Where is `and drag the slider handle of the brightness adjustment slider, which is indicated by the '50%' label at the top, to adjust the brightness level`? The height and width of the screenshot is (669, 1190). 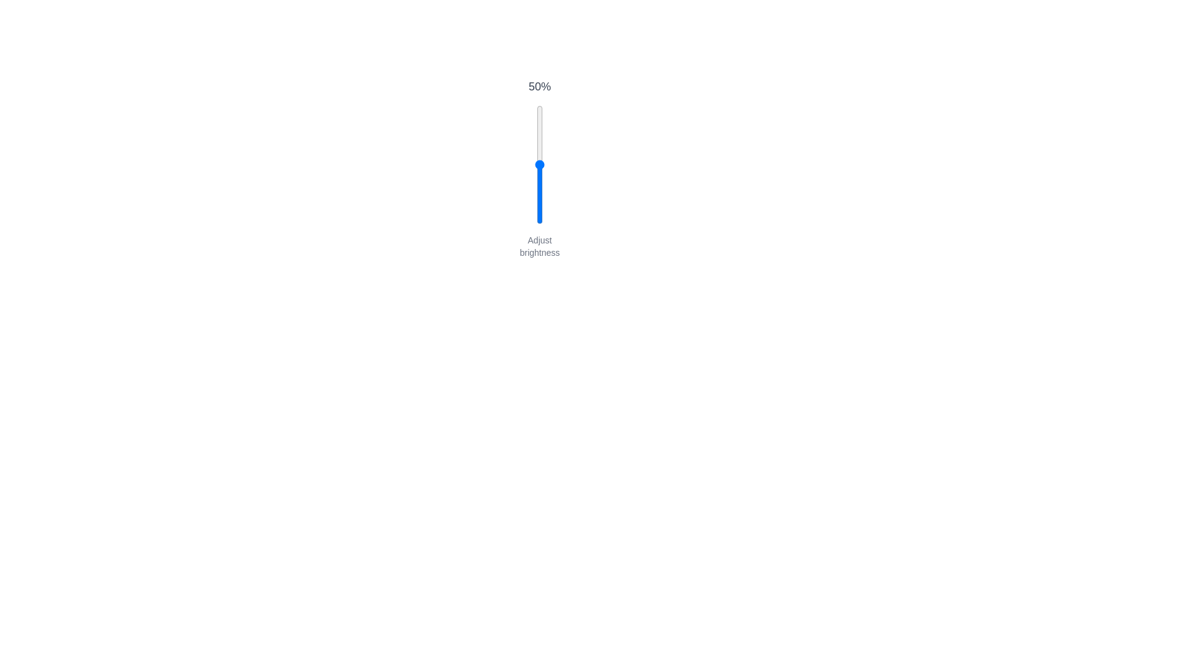
and drag the slider handle of the brightness adjustment slider, which is indicated by the '50%' label at the top, to adjust the brightness level is located at coordinates (539, 168).